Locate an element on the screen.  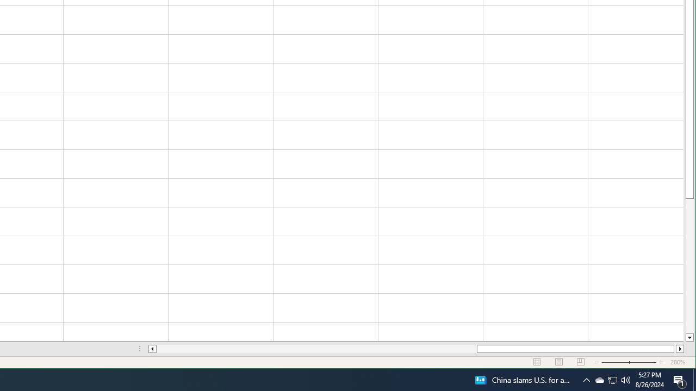
'Q2790: 100%' is located at coordinates (599, 379).